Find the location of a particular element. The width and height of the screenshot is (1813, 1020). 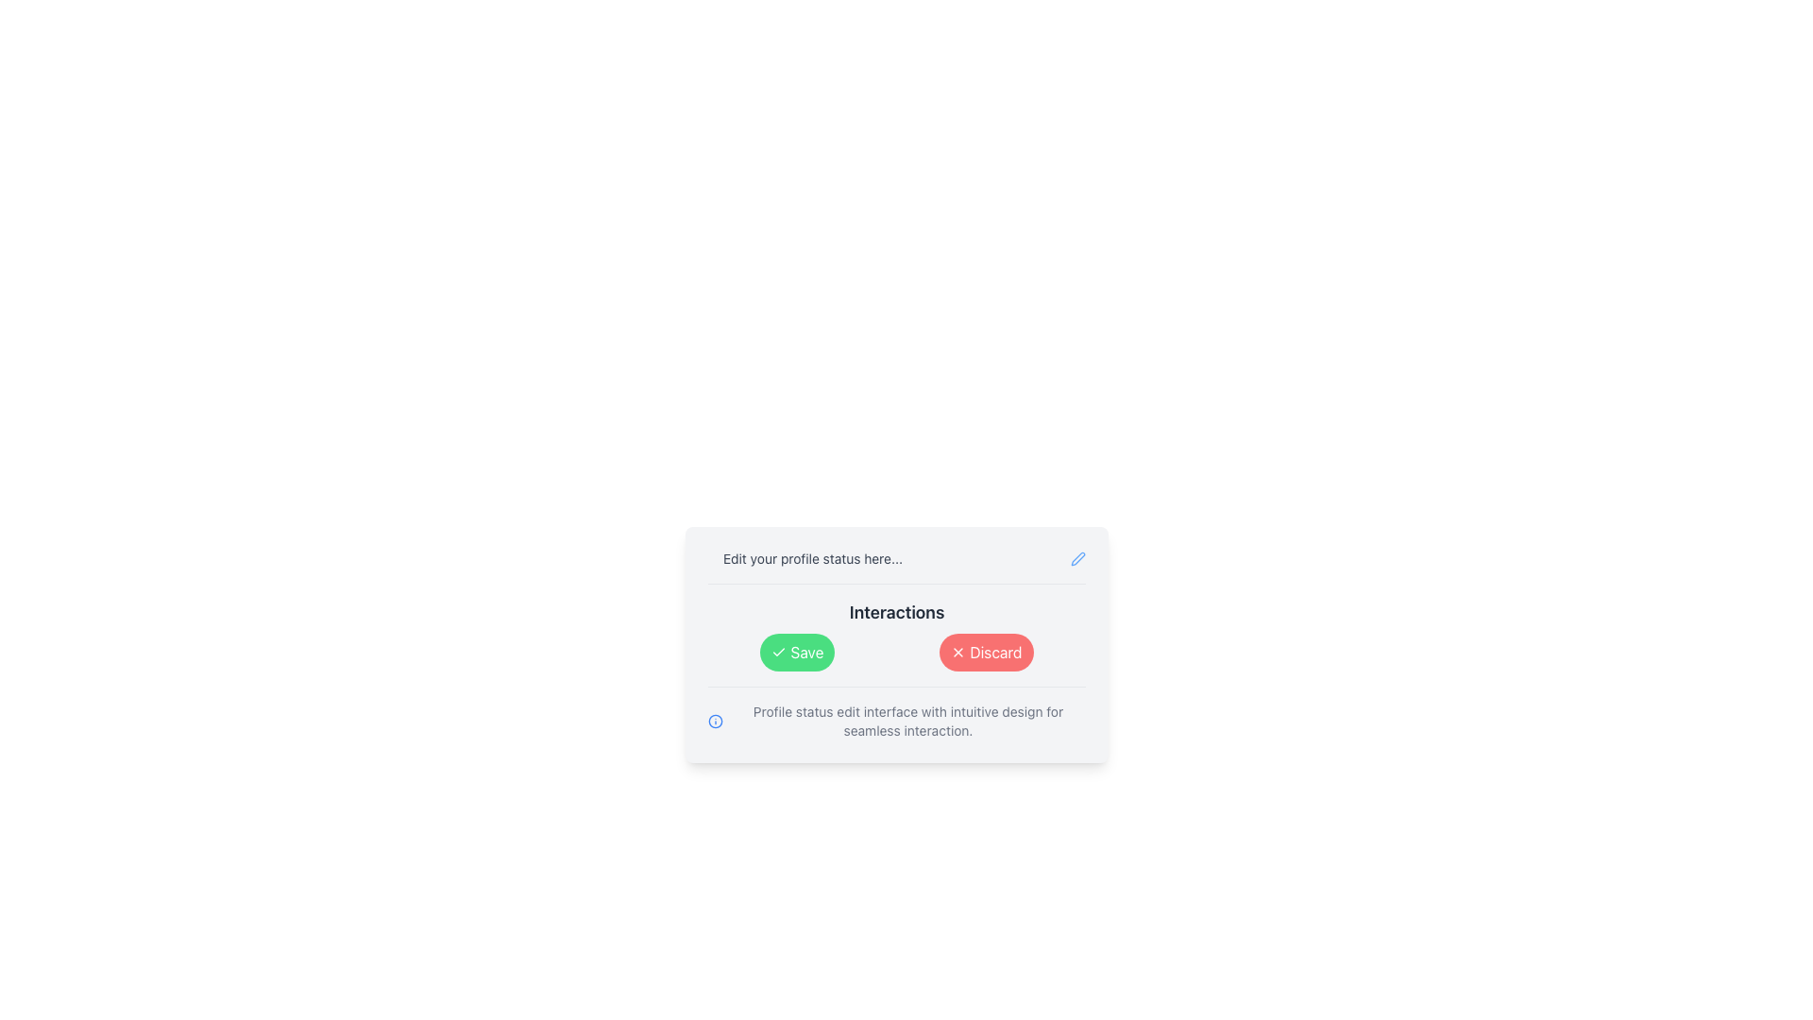

the informational text located at the bottom of the card-like section, directly below the 'Save' and 'Discard' buttons, to read its explanatory content is located at coordinates (896, 713).